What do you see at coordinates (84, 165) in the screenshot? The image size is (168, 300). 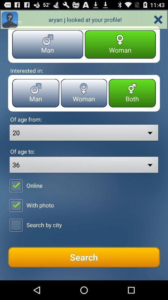 I see `dropdown below the text called of age to` at bounding box center [84, 165].